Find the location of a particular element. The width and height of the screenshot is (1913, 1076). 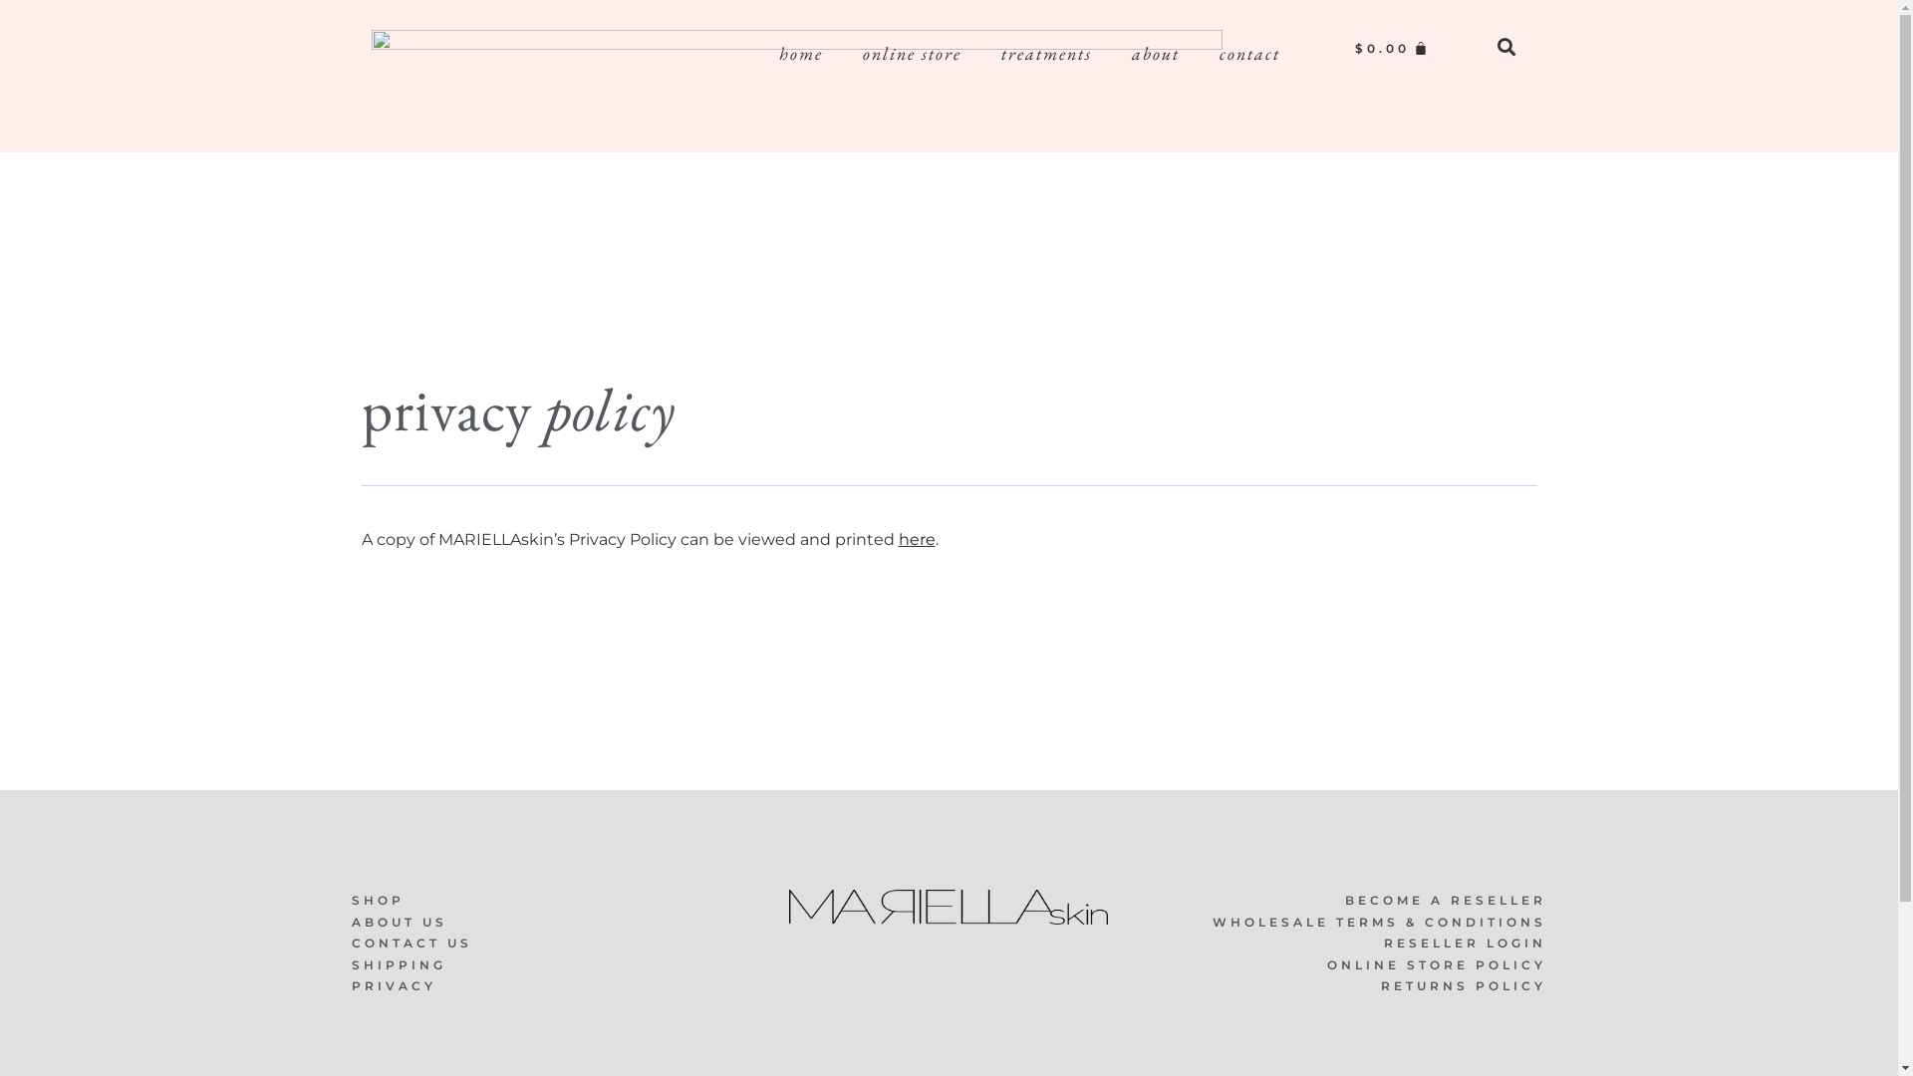

'WHOLESALE TERMS & CONDITIONS' is located at coordinates (1347, 922).